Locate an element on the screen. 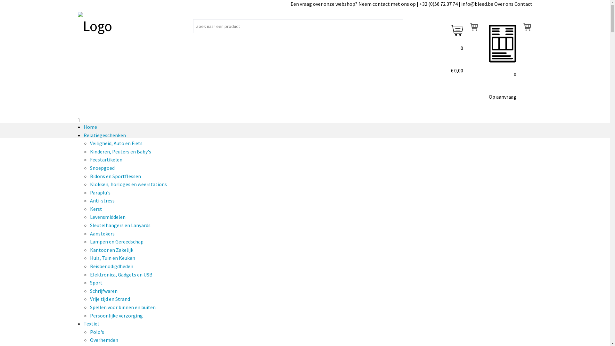 This screenshot has height=346, width=615. 'Snoepgoed' is located at coordinates (90, 168).